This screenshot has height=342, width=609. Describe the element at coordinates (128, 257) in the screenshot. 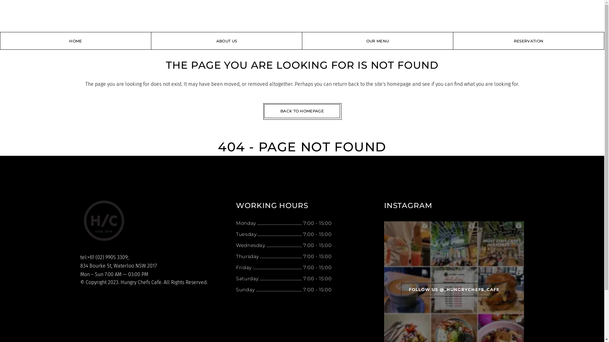

I see `';'` at that location.